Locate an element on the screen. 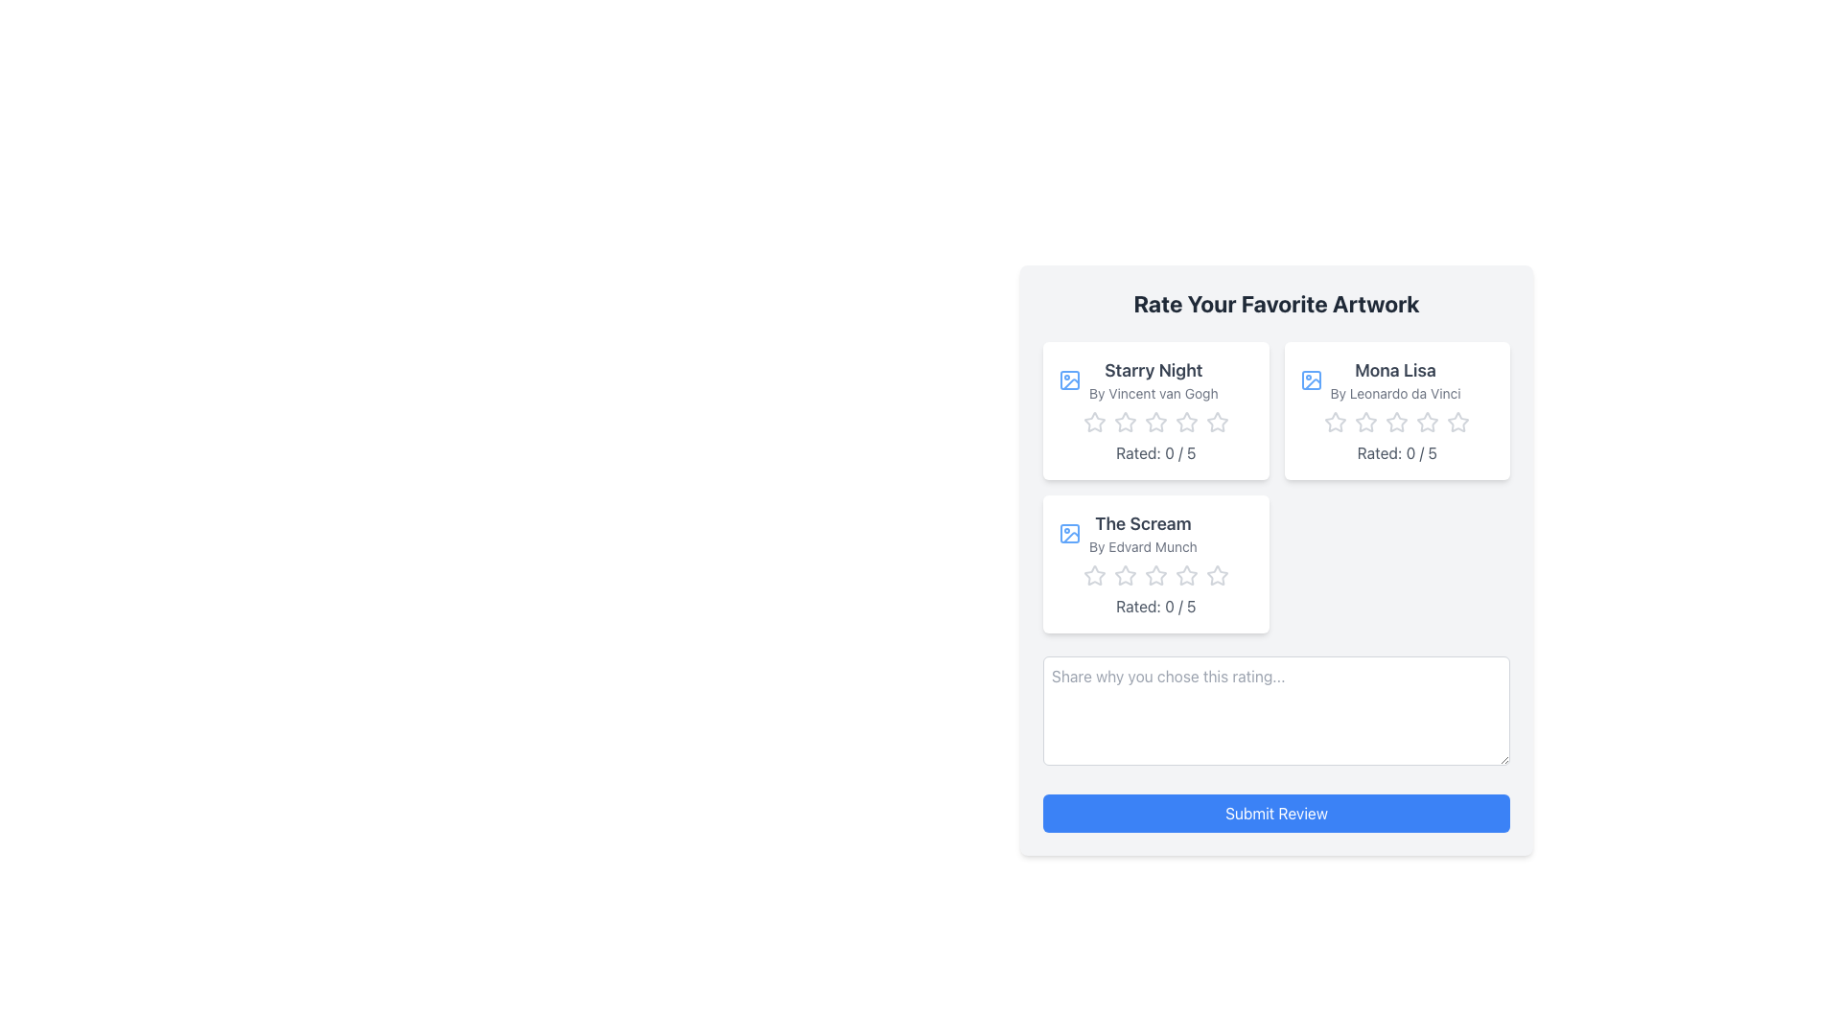 This screenshot has height=1035, width=1841. the third star icon with a light gray outline under 'The Scream' artwork to rate it is located at coordinates (1094, 574).